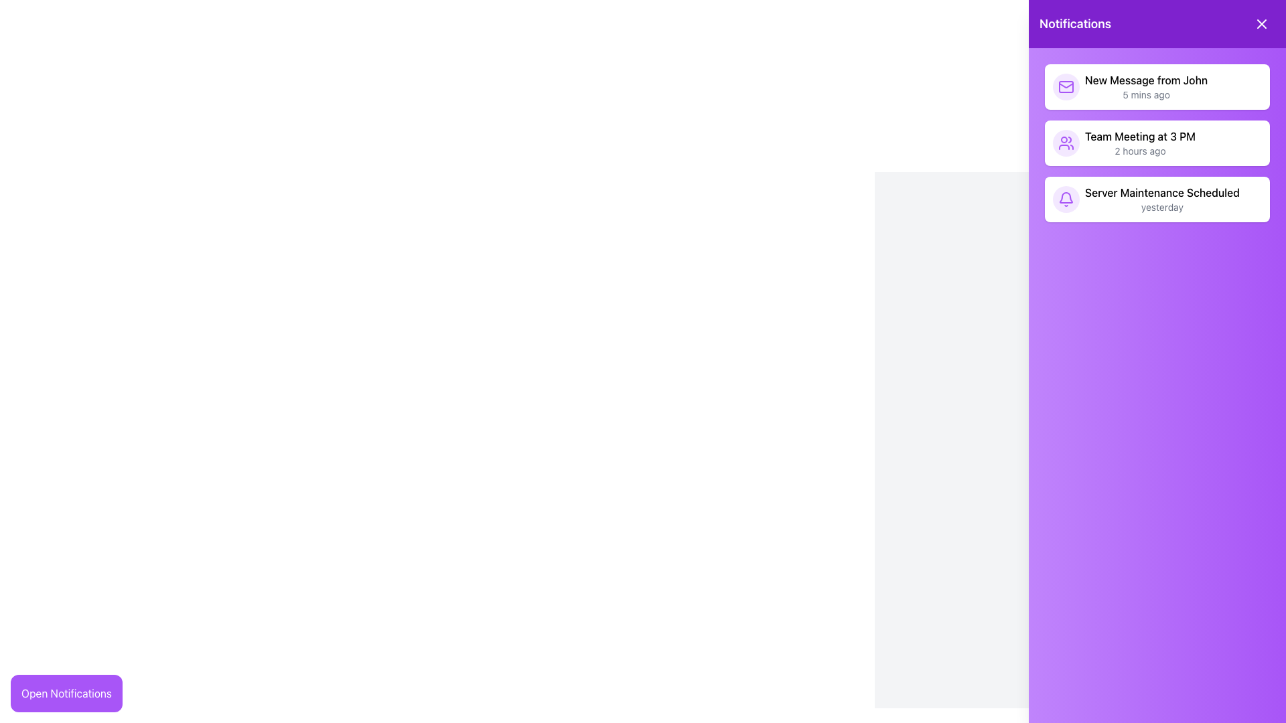  What do you see at coordinates (1066, 87) in the screenshot?
I see `the purple and white mail icon associated with the 'New Message from John' notification` at bounding box center [1066, 87].